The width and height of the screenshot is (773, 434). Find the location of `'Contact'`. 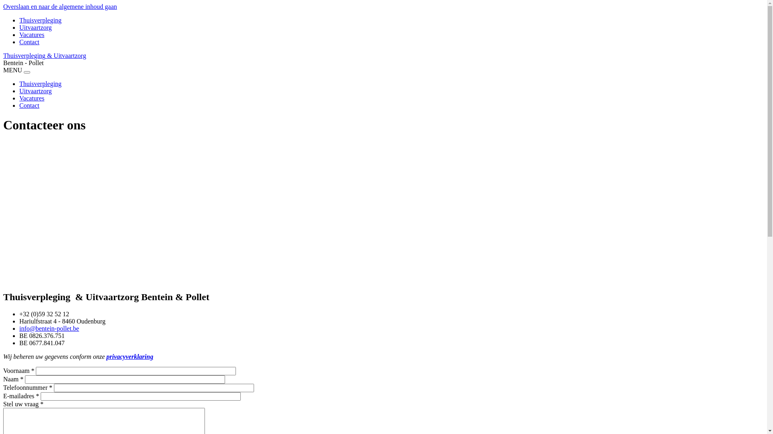

'Contact' is located at coordinates (29, 42).